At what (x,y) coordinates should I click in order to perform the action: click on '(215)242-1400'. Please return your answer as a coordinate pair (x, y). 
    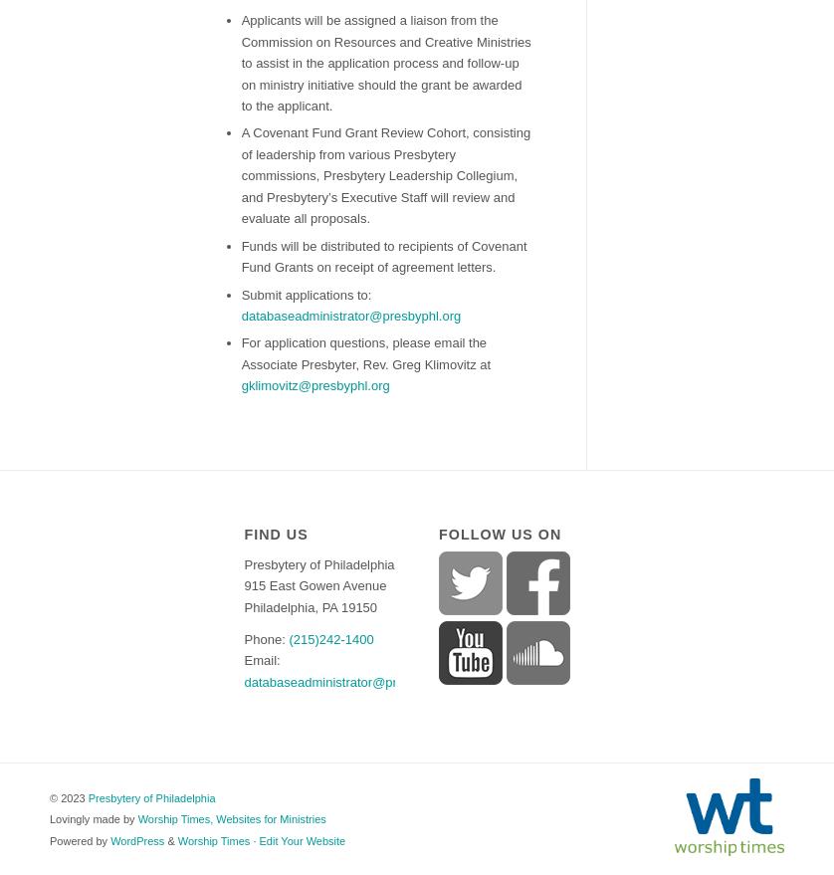
    Looking at the image, I should click on (329, 637).